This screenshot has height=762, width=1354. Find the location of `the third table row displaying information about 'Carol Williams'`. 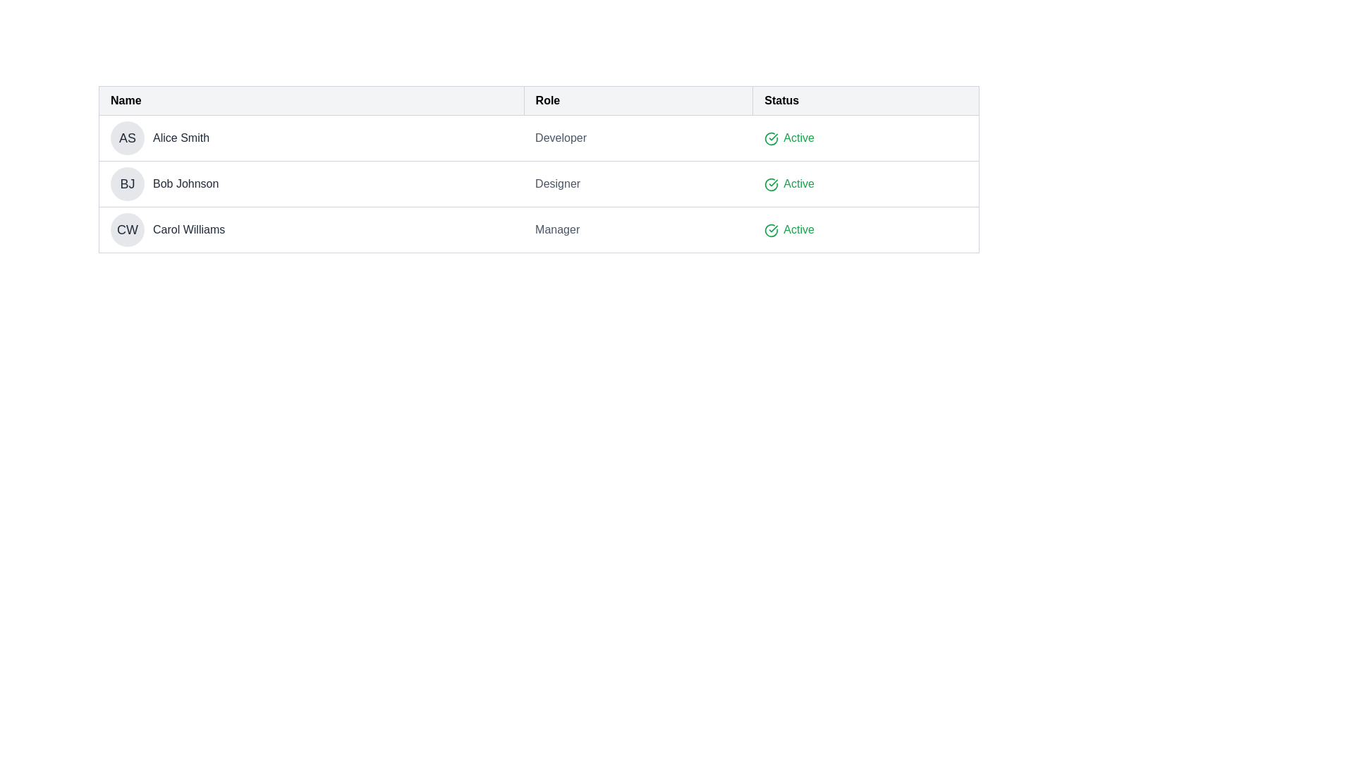

the third table row displaying information about 'Carol Williams' is located at coordinates (538, 229).